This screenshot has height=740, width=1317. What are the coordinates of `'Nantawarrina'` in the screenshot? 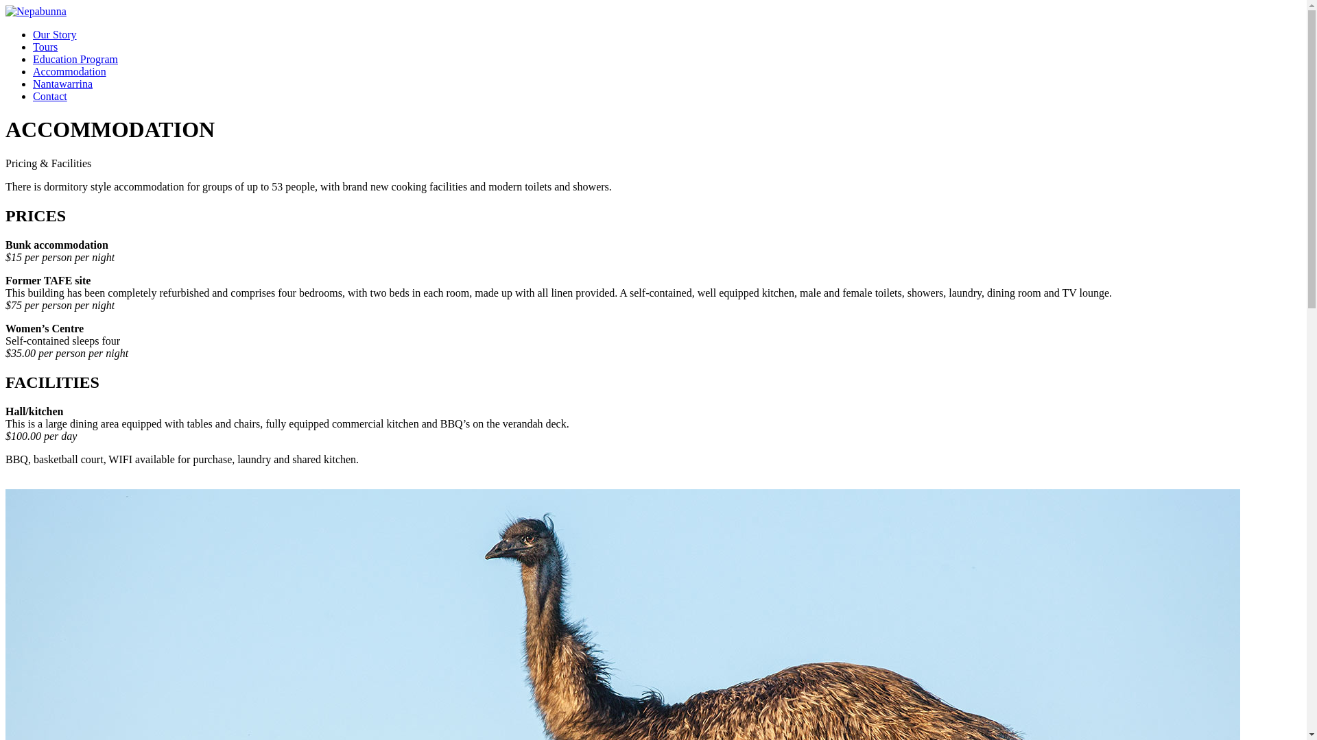 It's located at (62, 84).